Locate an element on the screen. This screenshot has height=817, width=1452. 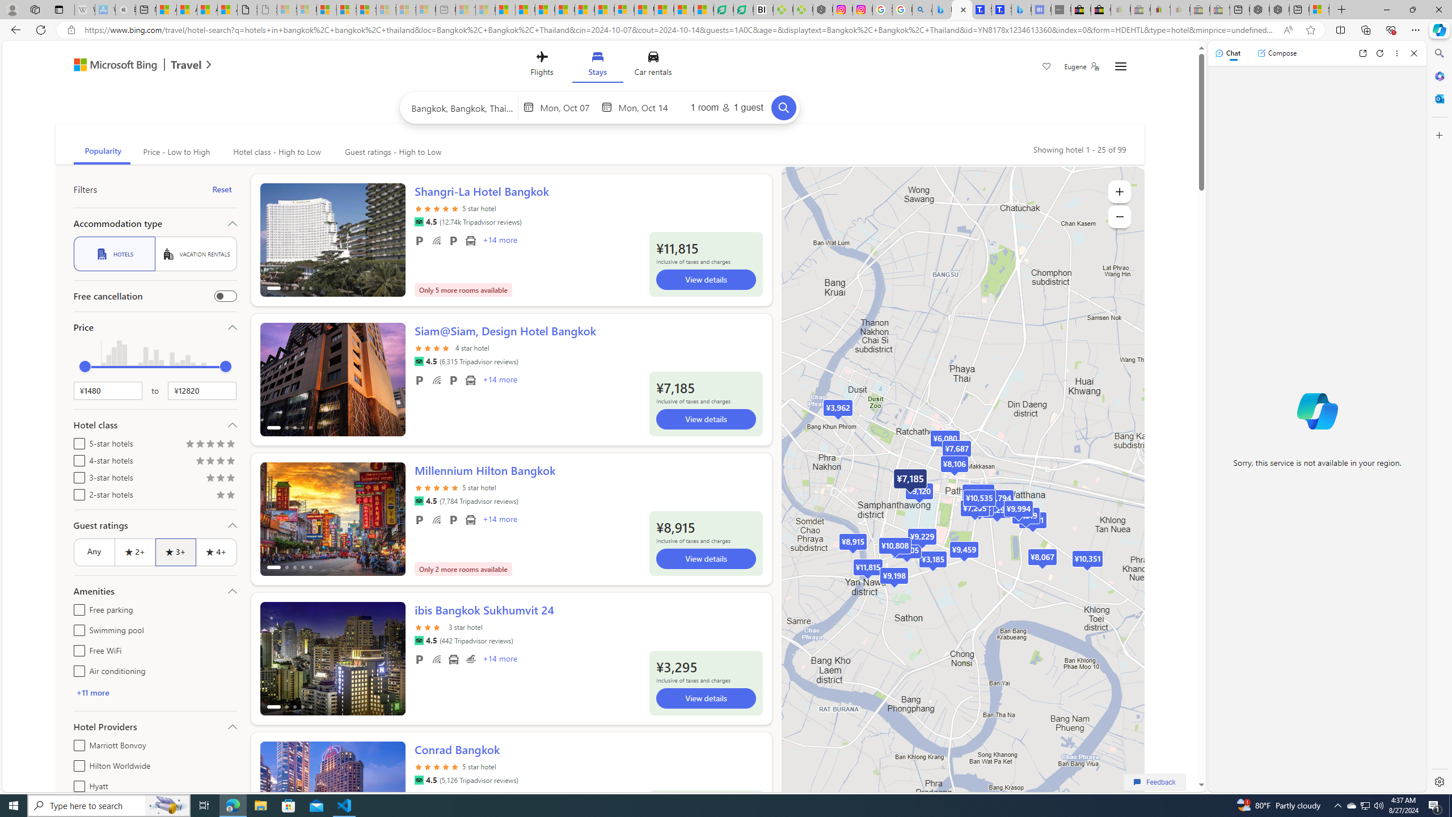
'Accommodation type' is located at coordinates (154, 222).